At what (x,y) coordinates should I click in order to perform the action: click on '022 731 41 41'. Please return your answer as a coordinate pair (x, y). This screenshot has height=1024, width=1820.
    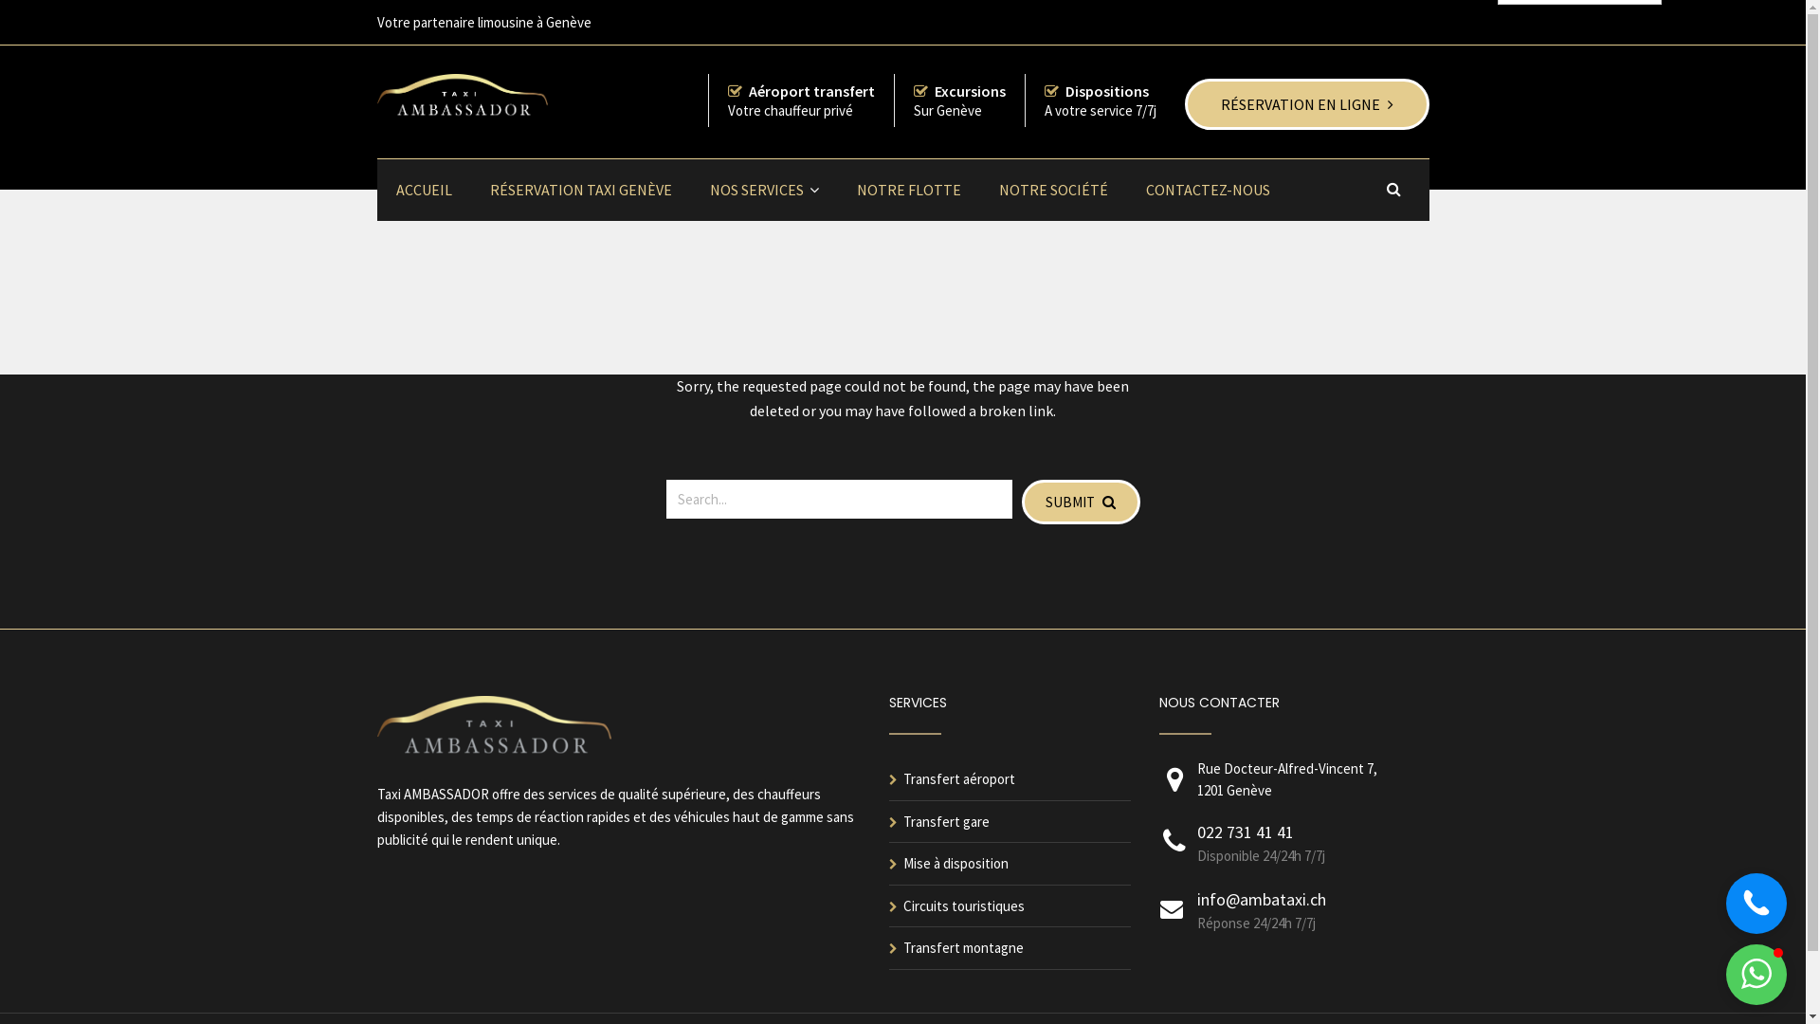
    Looking at the image, I should click on (1245, 831).